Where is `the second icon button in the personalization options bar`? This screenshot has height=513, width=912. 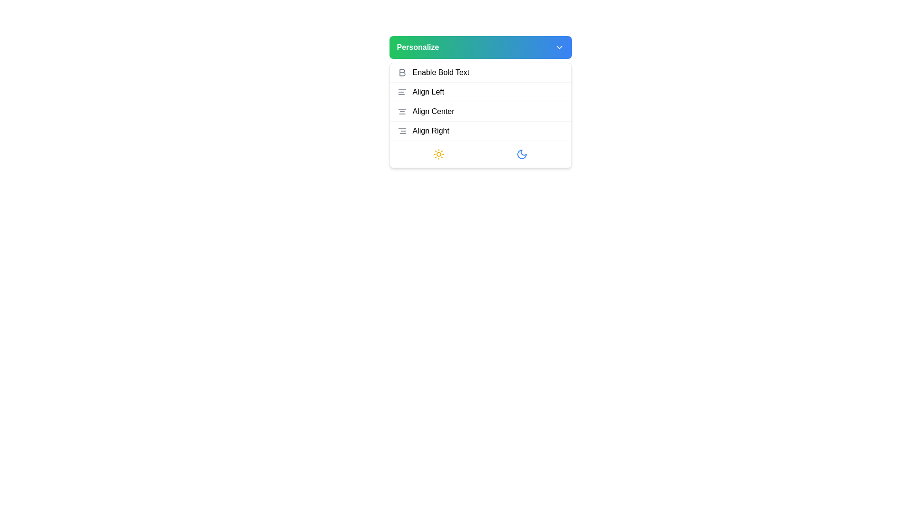
the second icon button in the personalization options bar is located at coordinates (522, 153).